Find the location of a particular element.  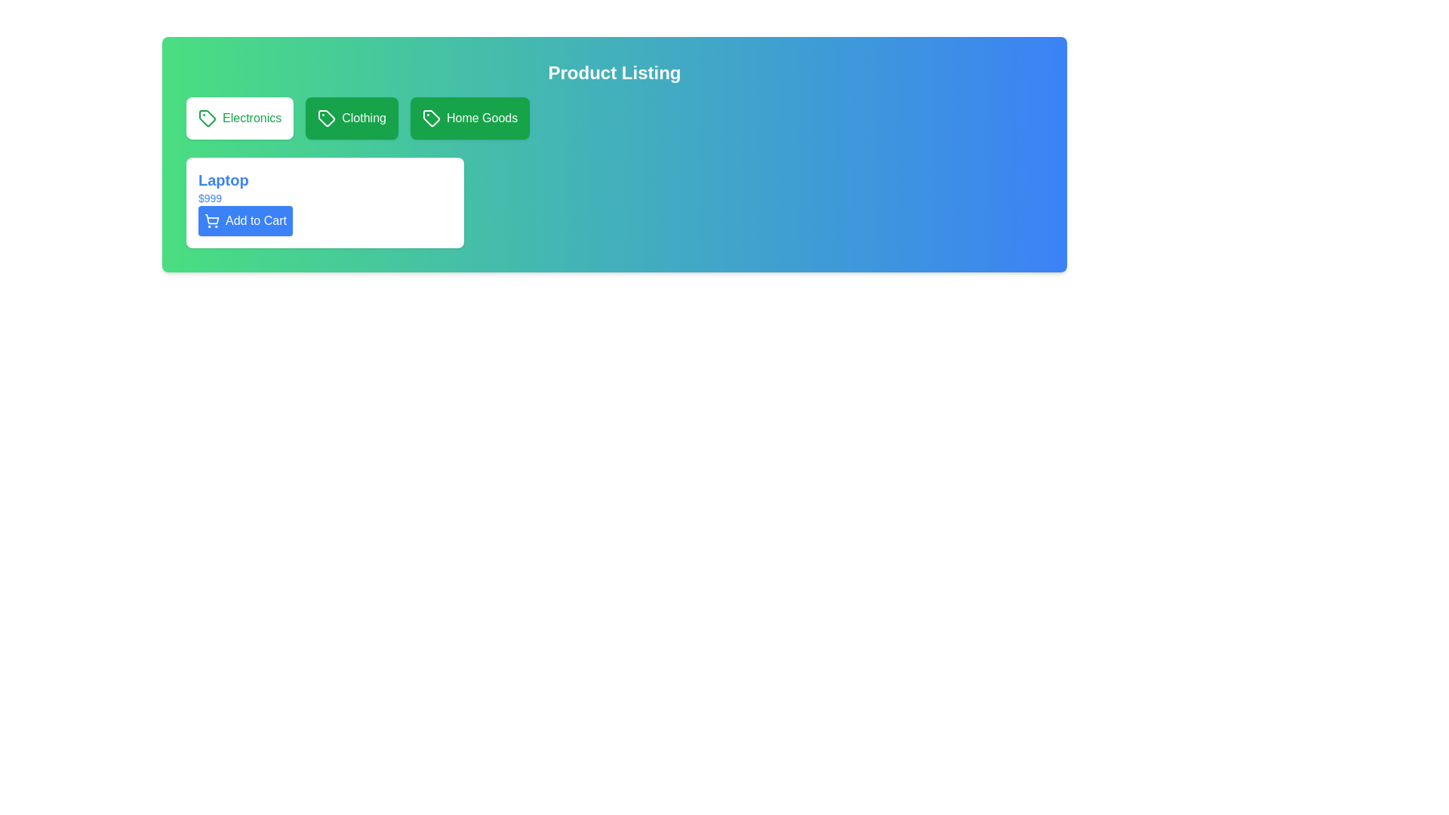

the 'Electronics' category button represented by an SVG Icon located in the upper left of the page is located at coordinates (206, 118).